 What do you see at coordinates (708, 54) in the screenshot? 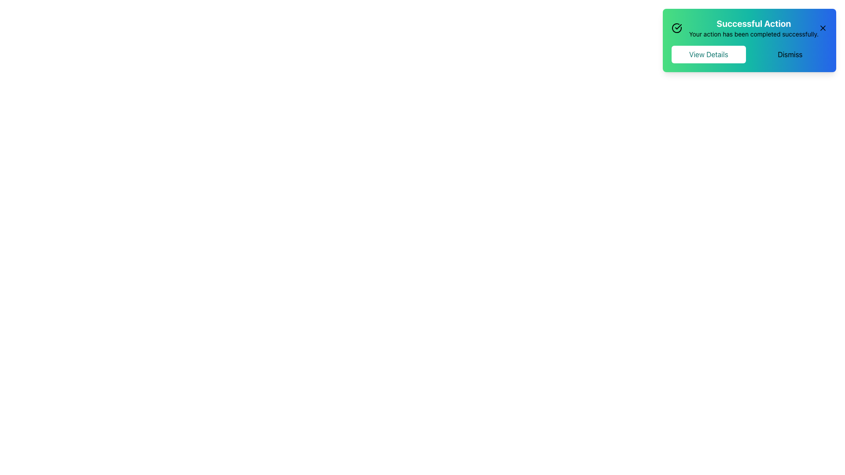
I see `the leftmost button in the notification area` at bounding box center [708, 54].